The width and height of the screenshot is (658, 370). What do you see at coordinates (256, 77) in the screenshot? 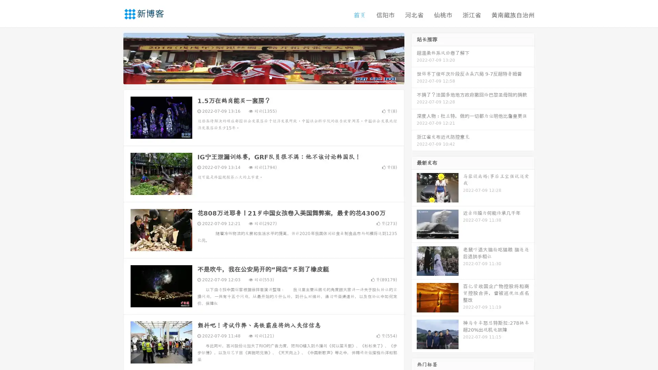
I see `Go to slide 1` at bounding box center [256, 77].